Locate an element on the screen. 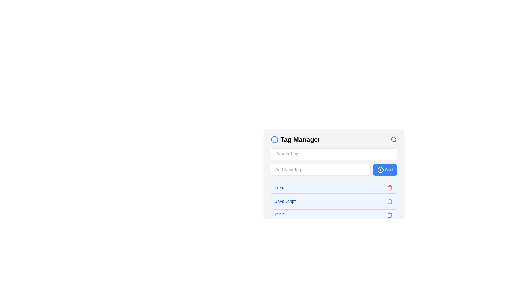 The image size is (523, 294). the decorative circle icon representing the 'Tag Manager' title, located to the left of the 'Tag Manager' text label in the top-left corner of the interface is located at coordinates (274, 139).